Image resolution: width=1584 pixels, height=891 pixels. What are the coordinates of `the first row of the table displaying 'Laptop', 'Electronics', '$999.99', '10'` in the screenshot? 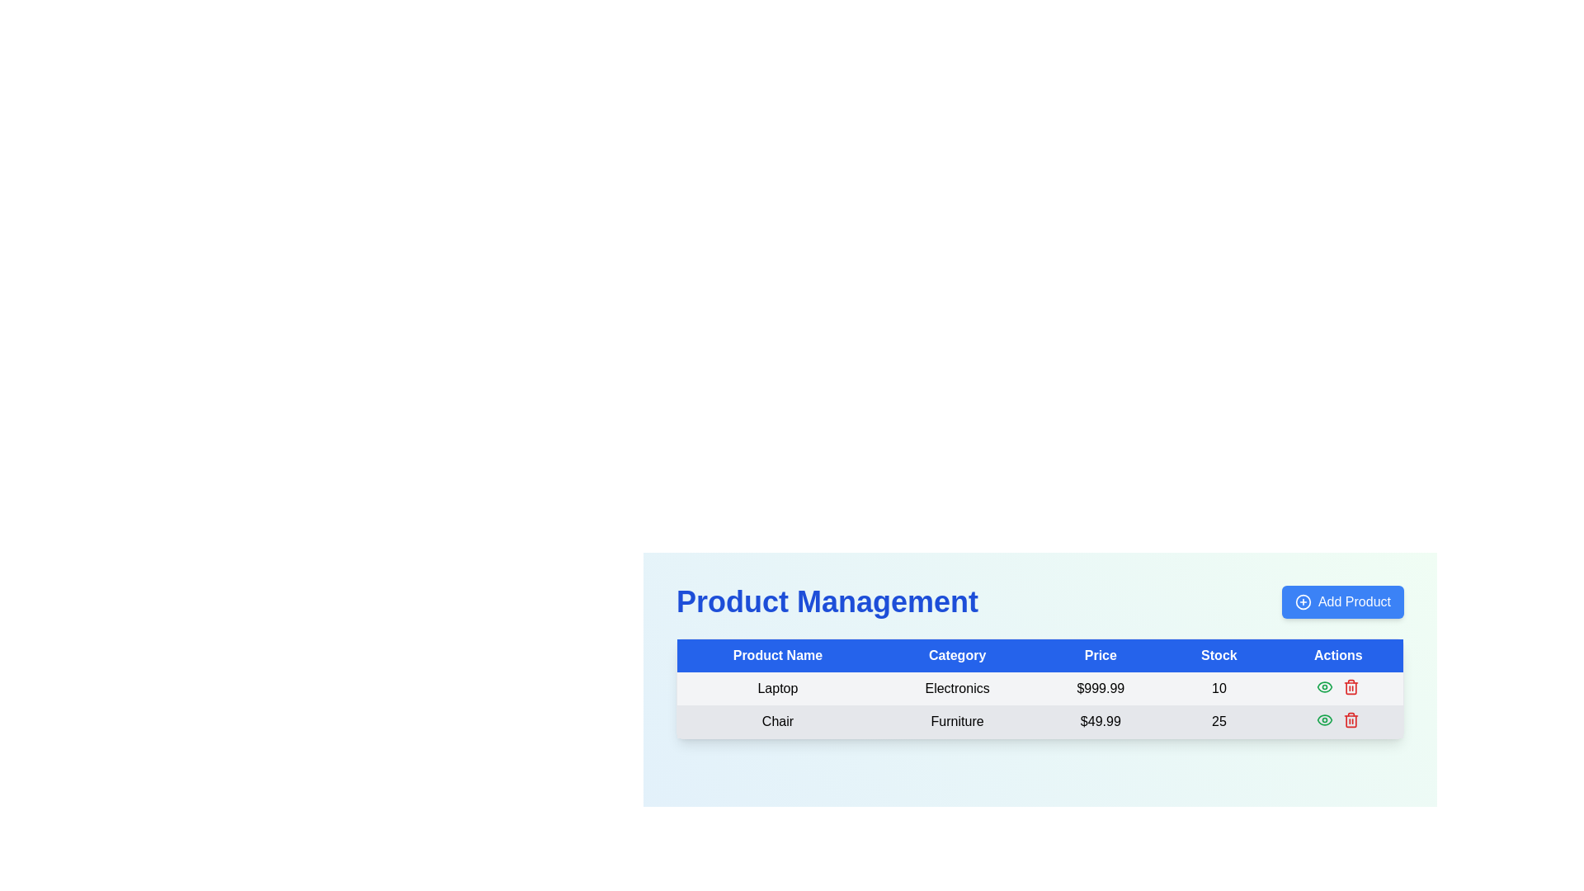 It's located at (1039, 688).